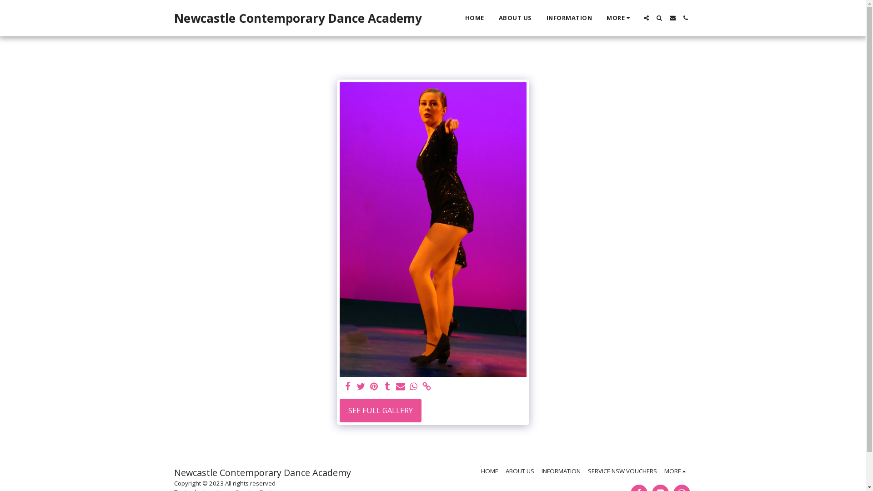 This screenshot has height=491, width=873. Describe the element at coordinates (369, 387) in the screenshot. I see `'Pin it'` at that location.